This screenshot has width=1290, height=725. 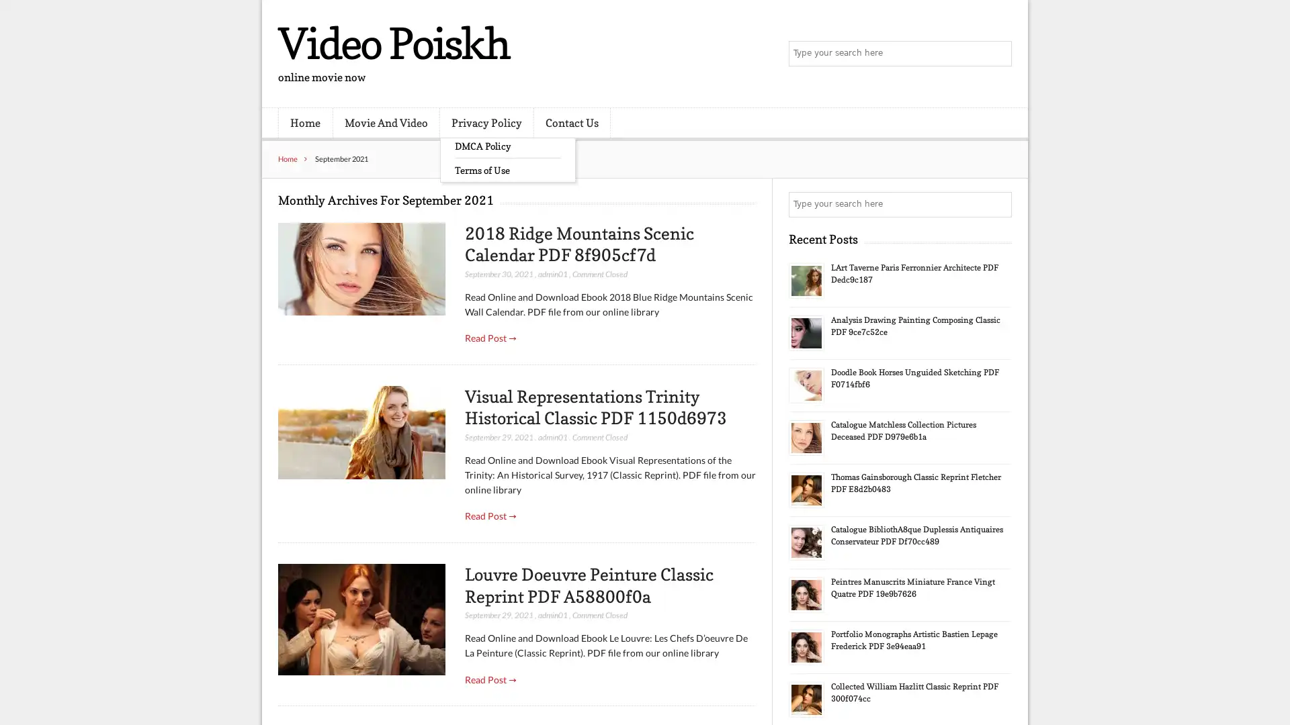 What do you see at coordinates (998, 204) in the screenshot?
I see `Search` at bounding box center [998, 204].